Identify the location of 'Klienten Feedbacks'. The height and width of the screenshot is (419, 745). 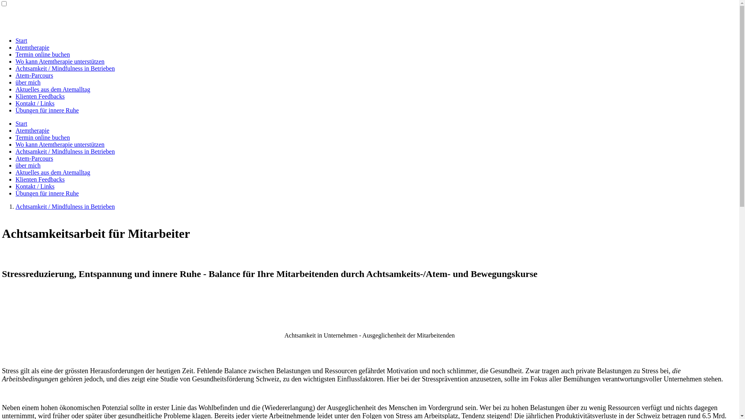
(40, 96).